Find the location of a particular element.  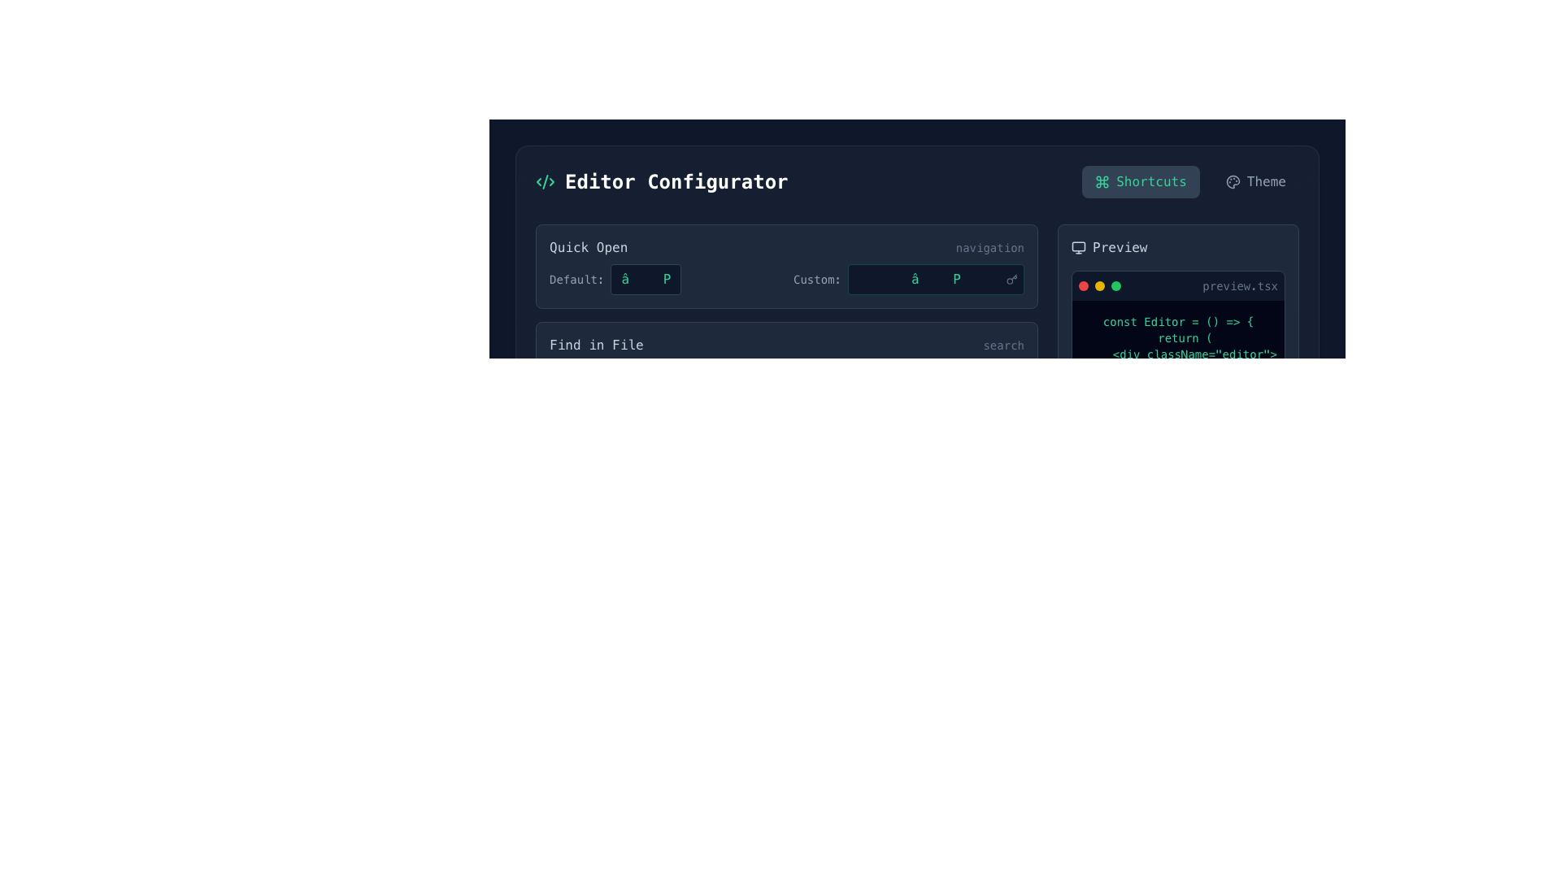

the second button in the upper-right corner of the interface, which is located immediately to the right of the green 'Shortcuts' button is located at coordinates (1254, 181).